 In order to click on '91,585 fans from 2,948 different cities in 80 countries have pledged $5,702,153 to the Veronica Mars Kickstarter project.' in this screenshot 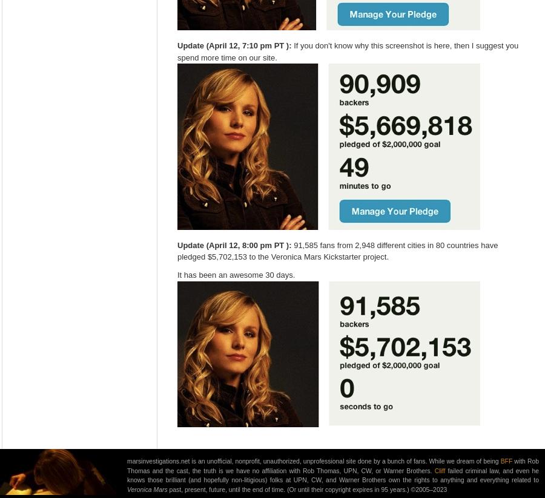, I will do `click(337, 251)`.